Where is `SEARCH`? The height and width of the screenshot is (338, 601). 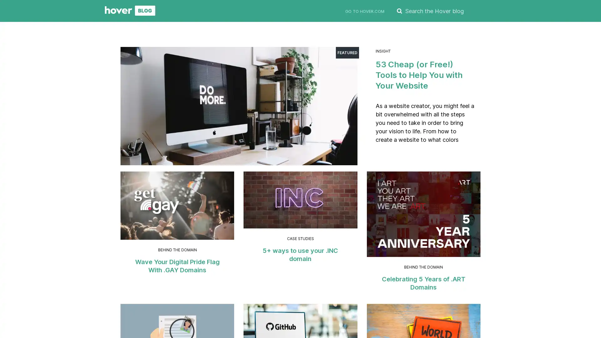
SEARCH is located at coordinates (399, 11).